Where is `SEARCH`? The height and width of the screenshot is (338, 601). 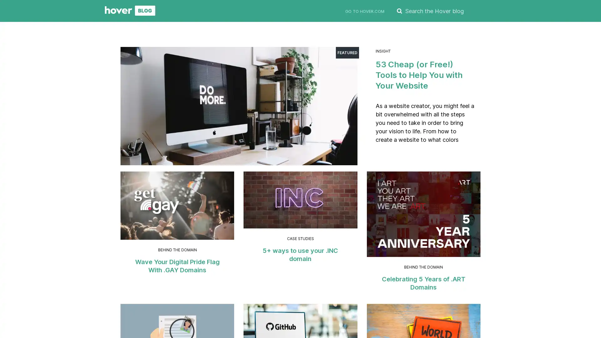
SEARCH is located at coordinates (399, 11).